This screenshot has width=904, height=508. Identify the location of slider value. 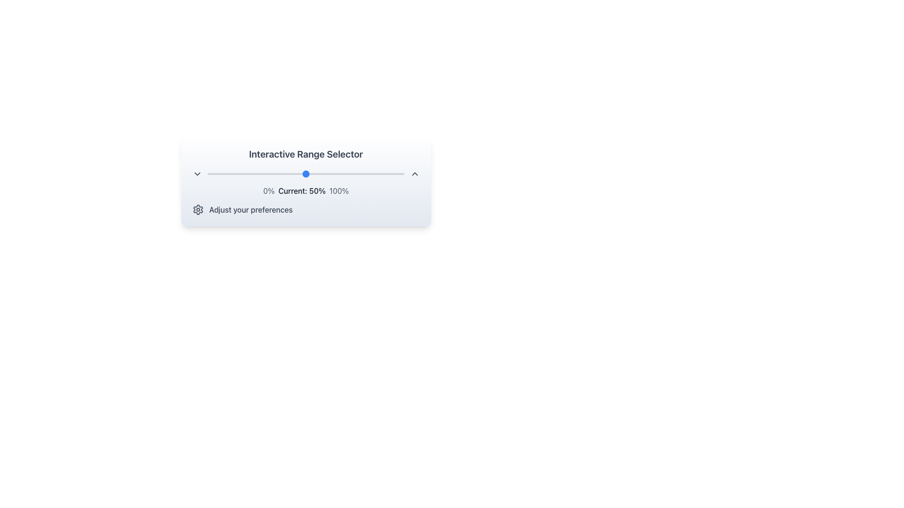
(343, 174).